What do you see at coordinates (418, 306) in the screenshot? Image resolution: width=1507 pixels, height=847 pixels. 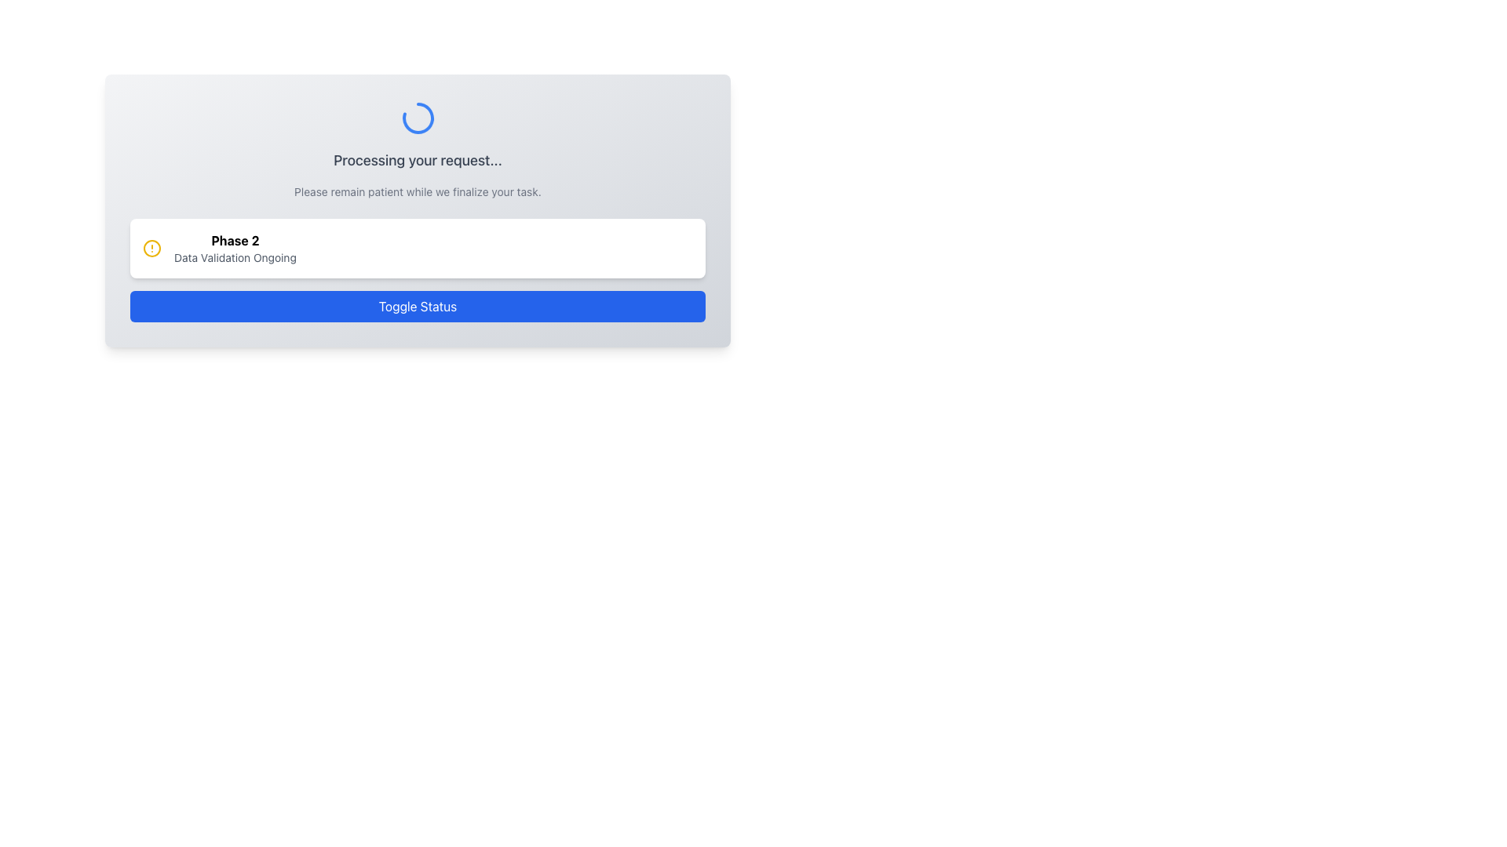 I see `the toggle button located beneath the 'Phase 2 Data Validation Ongoing' text within the card-like structure to change its status` at bounding box center [418, 306].